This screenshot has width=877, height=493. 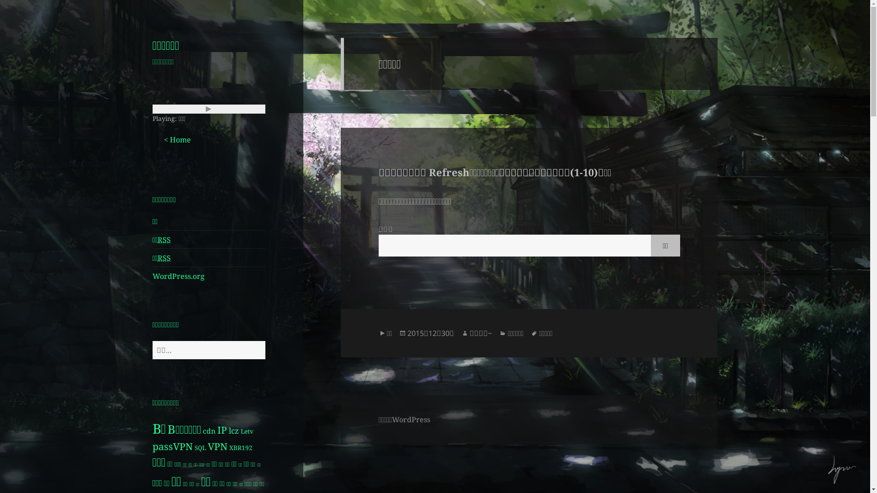 What do you see at coordinates (173, 446) in the screenshot?
I see `'passVPN'` at bounding box center [173, 446].